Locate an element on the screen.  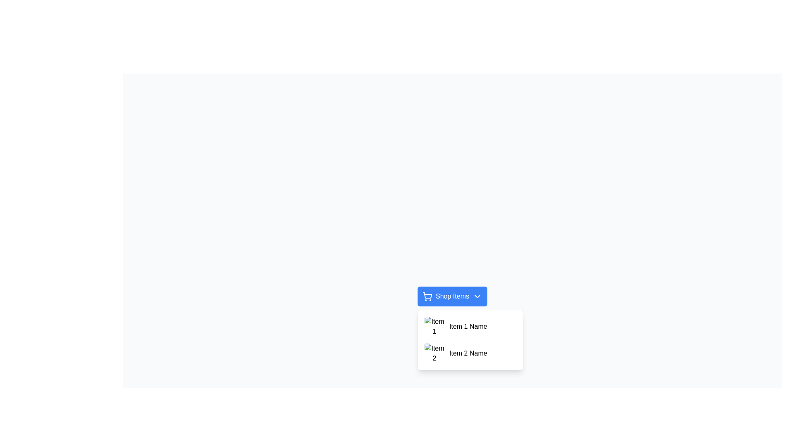
the blue 'Shop Items' dropdown toggle button with a shopping cart icon and down-pointing chevron is located at coordinates (452, 296).